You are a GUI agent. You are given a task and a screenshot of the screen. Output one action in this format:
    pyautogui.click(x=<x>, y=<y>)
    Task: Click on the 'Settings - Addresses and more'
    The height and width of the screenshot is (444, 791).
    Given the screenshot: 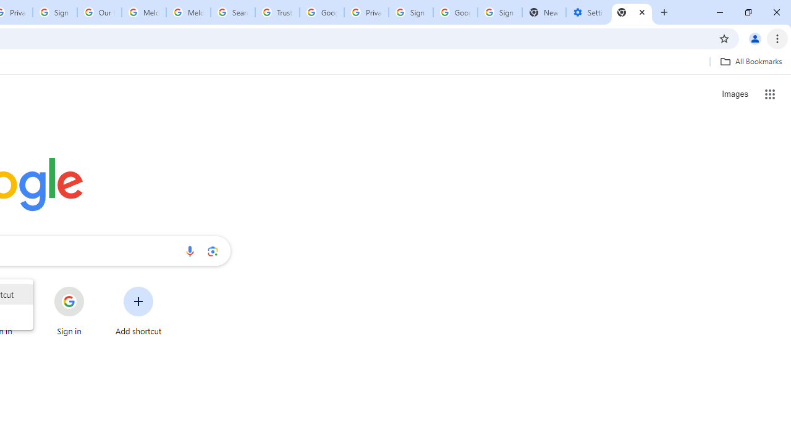 What is the action you would take?
    pyautogui.click(x=587, y=12)
    